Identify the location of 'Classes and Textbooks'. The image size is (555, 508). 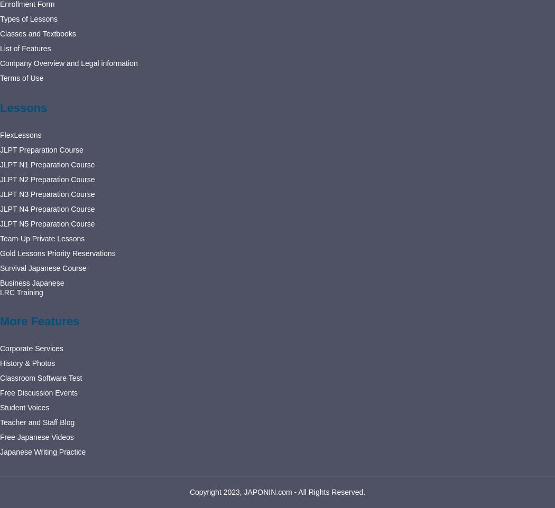
(37, 33).